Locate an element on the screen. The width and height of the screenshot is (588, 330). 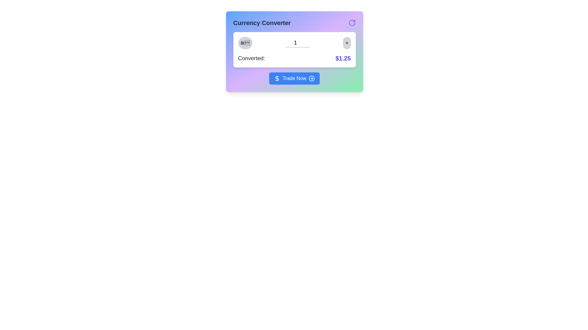
the decorative circular element inside the arrow-right icon, located to the right of the 'Trade Now' button is located at coordinates (312, 78).